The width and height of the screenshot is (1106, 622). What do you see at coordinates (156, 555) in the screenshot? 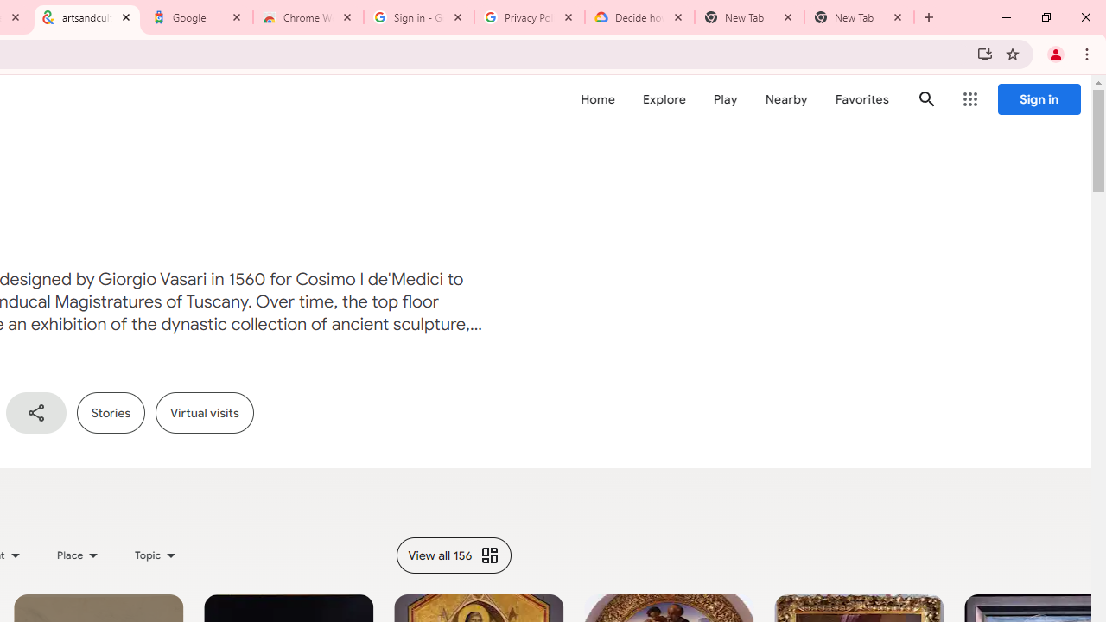
I see `'Topic'` at bounding box center [156, 555].